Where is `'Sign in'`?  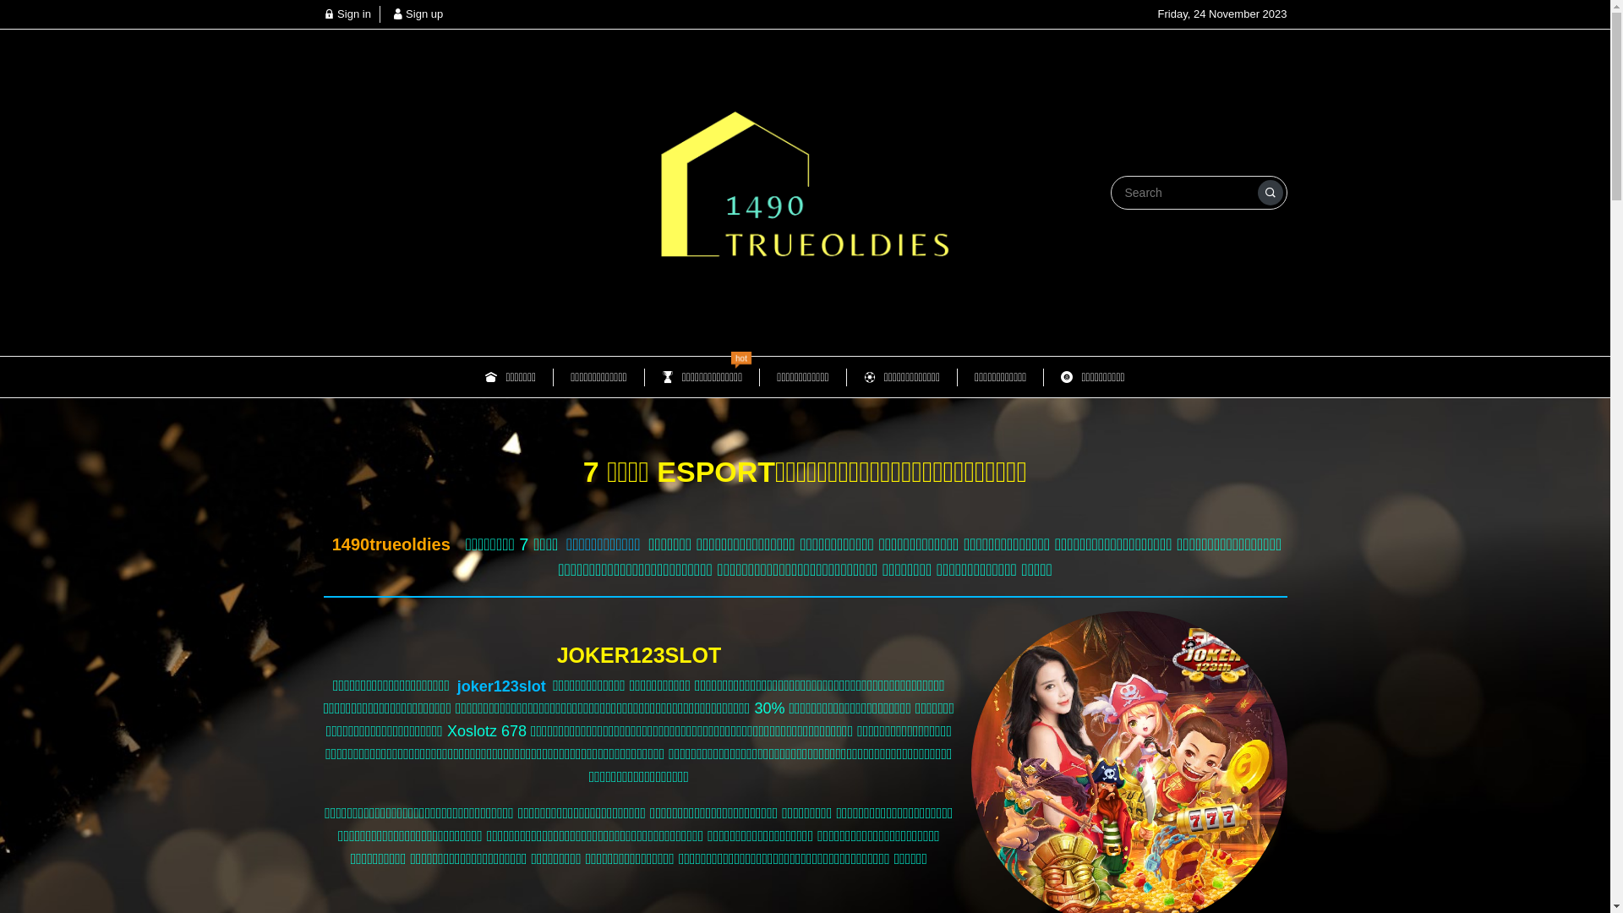 'Sign in' is located at coordinates (345, 14).